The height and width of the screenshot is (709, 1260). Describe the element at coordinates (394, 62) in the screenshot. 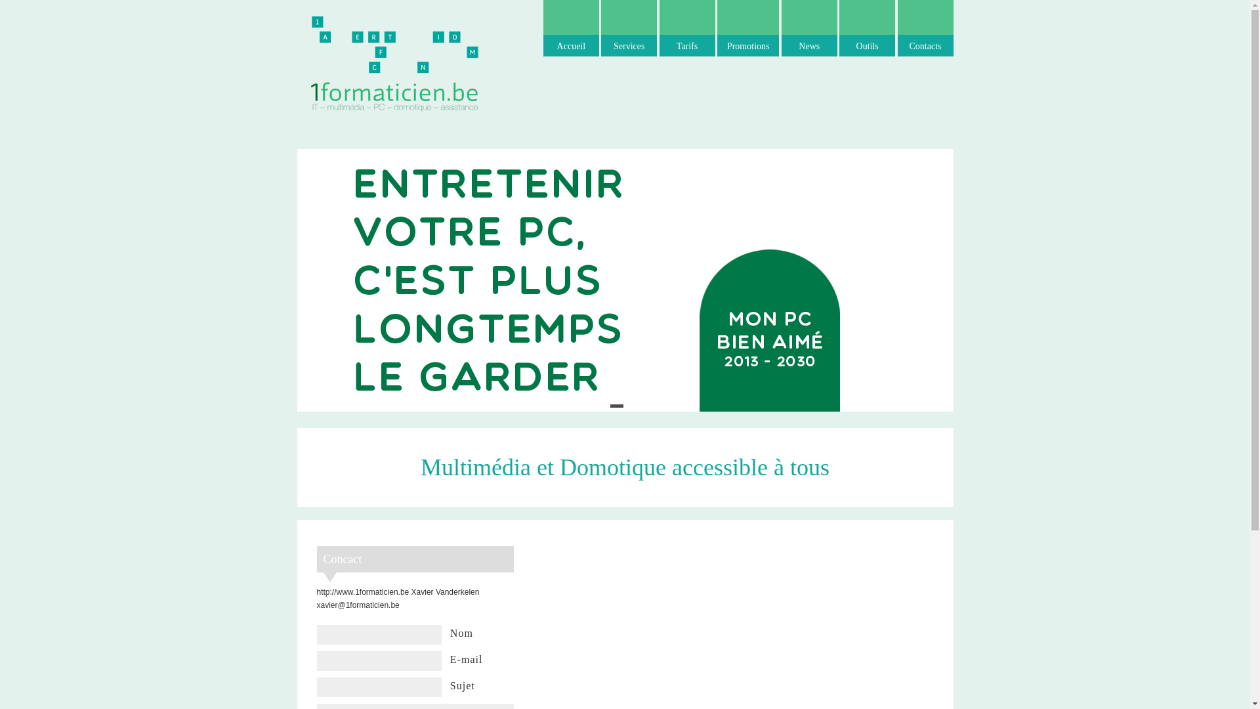

I see `'1Formaticien'` at that location.